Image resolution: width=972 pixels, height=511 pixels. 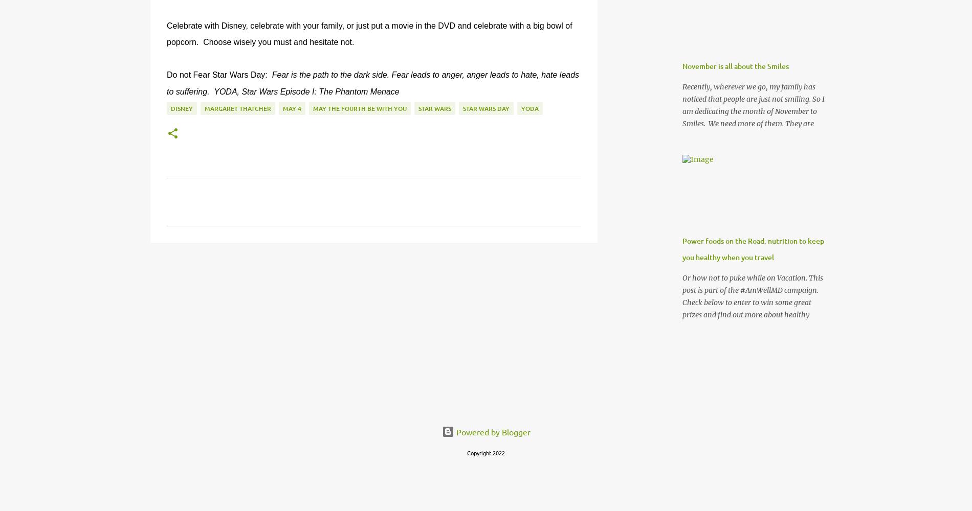 I want to click on 'Star Wars Day', so click(x=486, y=108).